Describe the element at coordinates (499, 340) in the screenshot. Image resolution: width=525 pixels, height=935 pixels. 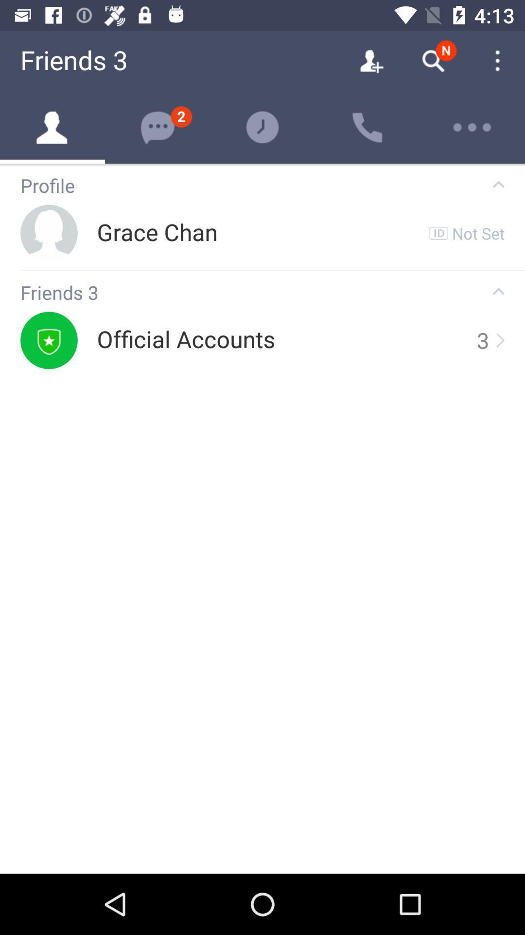
I see `the right scroll` at that location.